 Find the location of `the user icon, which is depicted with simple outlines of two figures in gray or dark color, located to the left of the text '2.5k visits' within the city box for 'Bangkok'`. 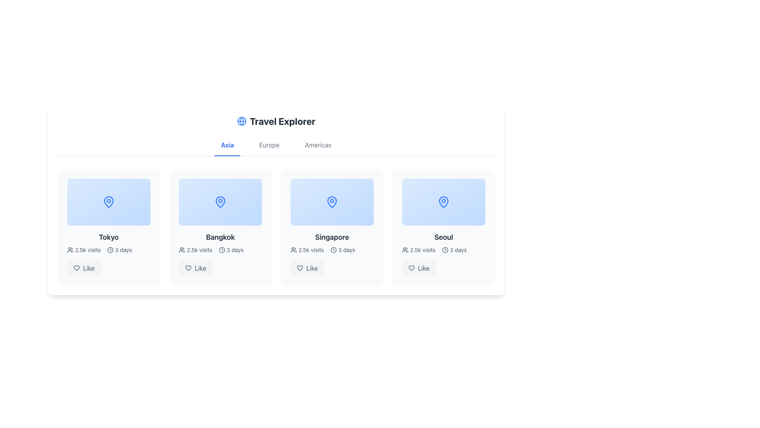

the user icon, which is depicted with simple outlines of two figures in gray or dark color, located to the left of the text '2.5k visits' within the city box for 'Bangkok' is located at coordinates (182, 250).